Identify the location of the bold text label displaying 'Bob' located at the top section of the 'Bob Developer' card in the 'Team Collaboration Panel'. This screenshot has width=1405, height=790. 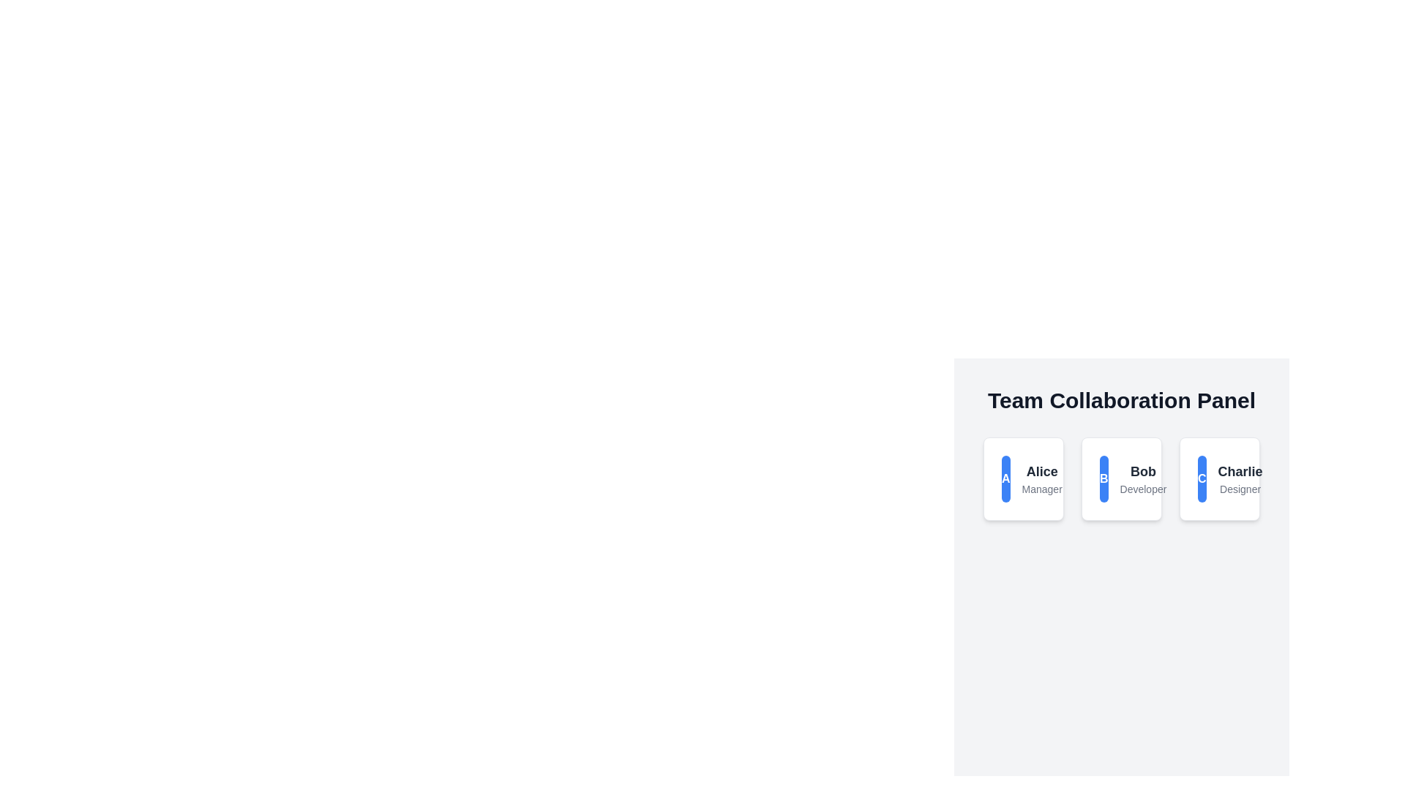
(1142, 471).